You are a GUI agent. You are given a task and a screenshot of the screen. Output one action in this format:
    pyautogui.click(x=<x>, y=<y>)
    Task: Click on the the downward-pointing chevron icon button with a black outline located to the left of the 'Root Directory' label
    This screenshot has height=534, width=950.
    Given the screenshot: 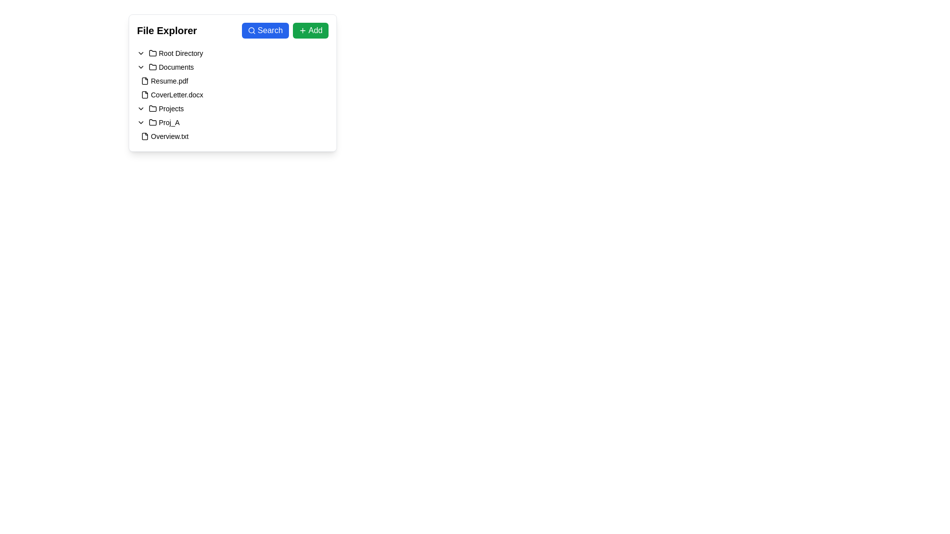 What is the action you would take?
    pyautogui.click(x=140, y=53)
    